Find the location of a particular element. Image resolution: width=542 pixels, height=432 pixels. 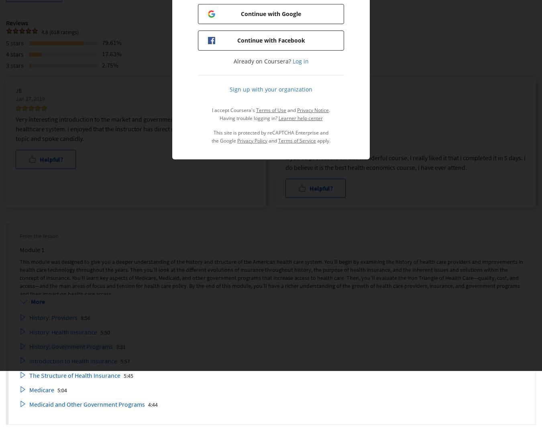

'T' is located at coordinates (287, 118).